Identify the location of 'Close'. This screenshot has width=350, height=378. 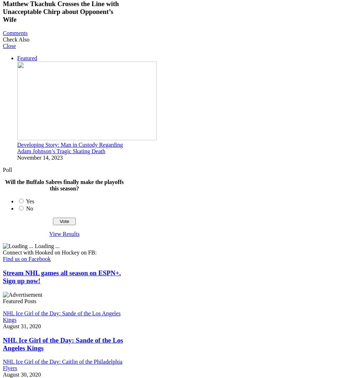
(3, 45).